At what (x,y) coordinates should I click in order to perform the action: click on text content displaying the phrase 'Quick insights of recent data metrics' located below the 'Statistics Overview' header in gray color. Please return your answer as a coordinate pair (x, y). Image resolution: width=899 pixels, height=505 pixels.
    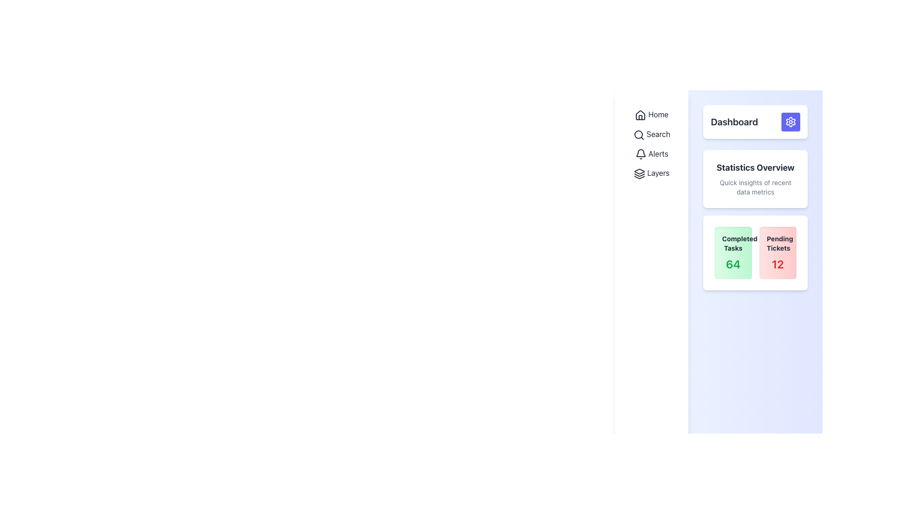
    Looking at the image, I should click on (755, 188).